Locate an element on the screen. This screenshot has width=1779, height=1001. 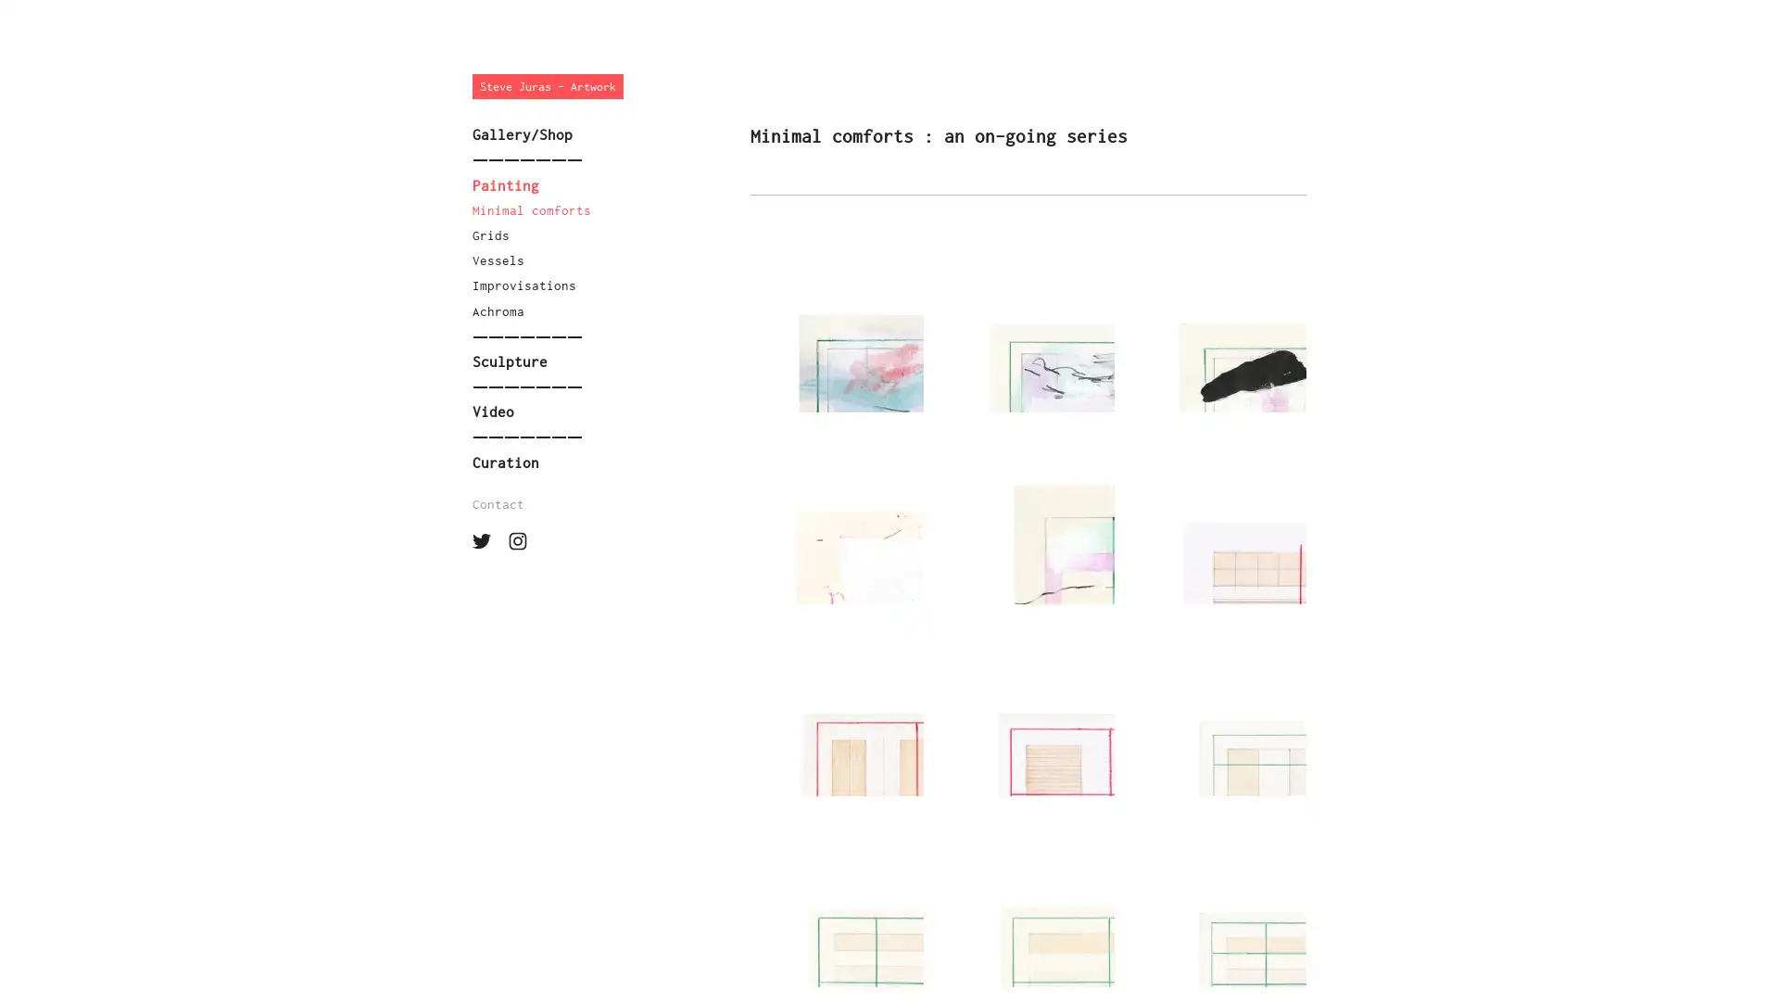
View fullsize Keep it simple stupid is located at coordinates (1027, 899).